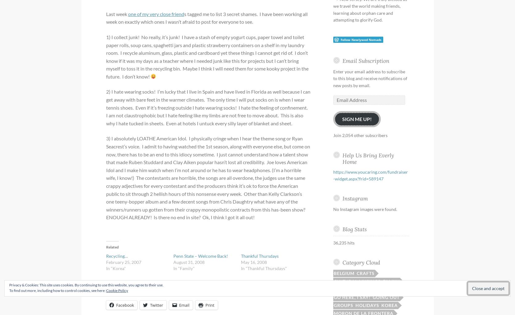  I want to click on 'Instagram', so click(354, 198).